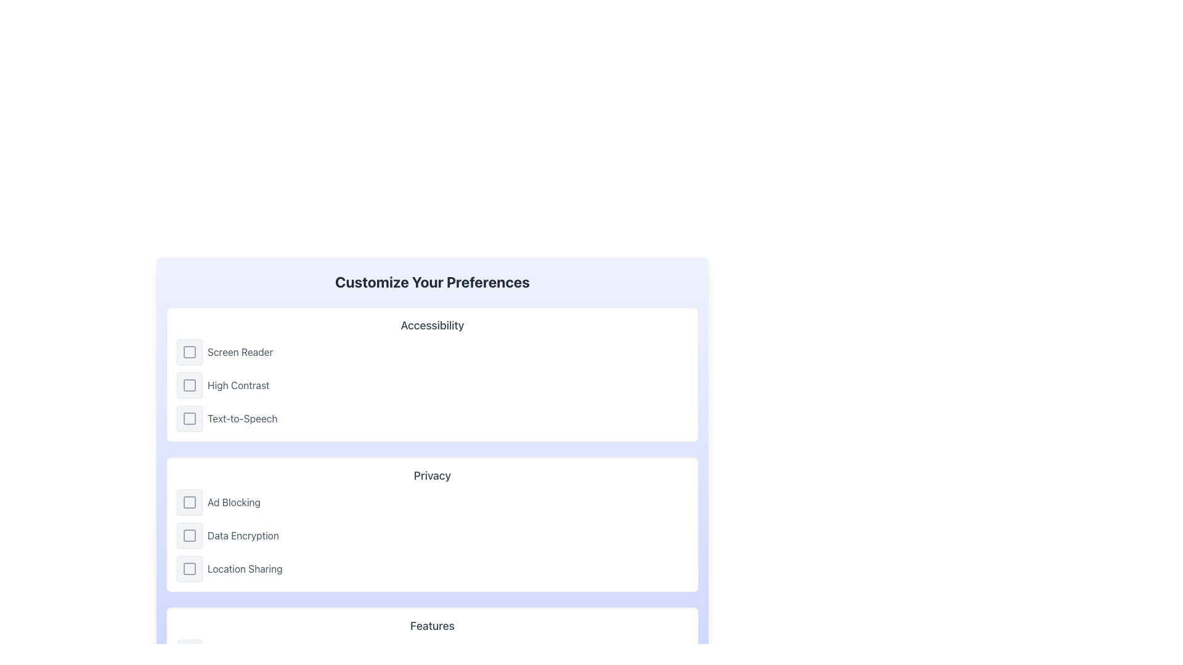 The image size is (1183, 665). What do you see at coordinates (189, 535) in the screenshot?
I see `the checkbox associated with the 'Data Encryption' label in the 'Privacy' section of the 'Customize Your Preferences' interface` at bounding box center [189, 535].